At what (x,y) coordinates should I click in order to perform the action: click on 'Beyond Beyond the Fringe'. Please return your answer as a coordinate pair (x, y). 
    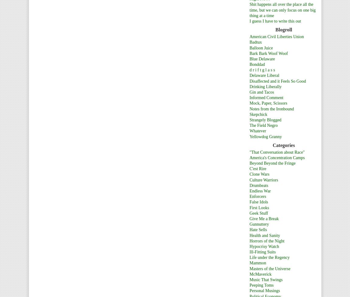
    Looking at the image, I should click on (272, 163).